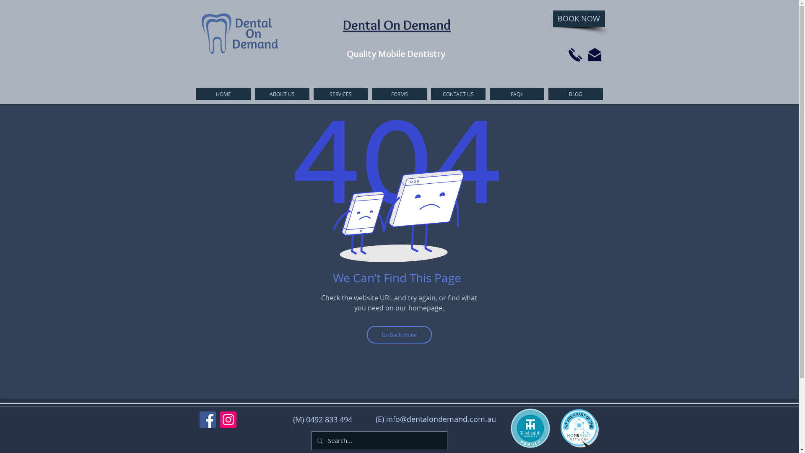 This screenshot has height=453, width=805. Describe the element at coordinates (278, 420) in the screenshot. I see `'(M) 0492 833 494'` at that location.